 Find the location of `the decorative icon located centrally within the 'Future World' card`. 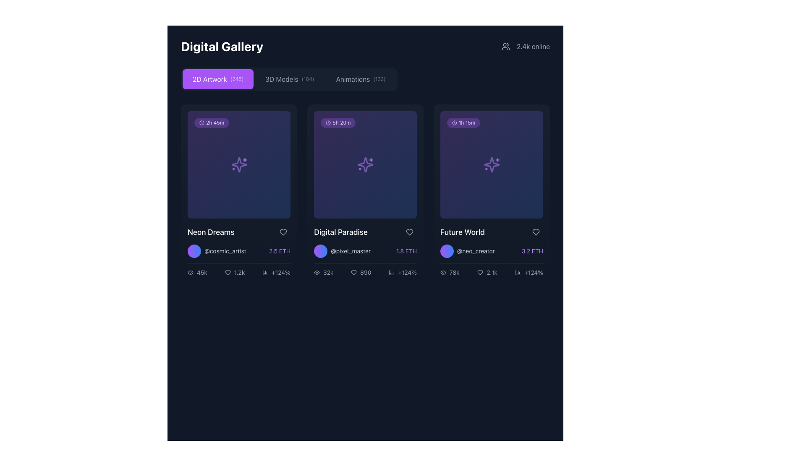

the decorative icon located centrally within the 'Future World' card is located at coordinates (492, 165).